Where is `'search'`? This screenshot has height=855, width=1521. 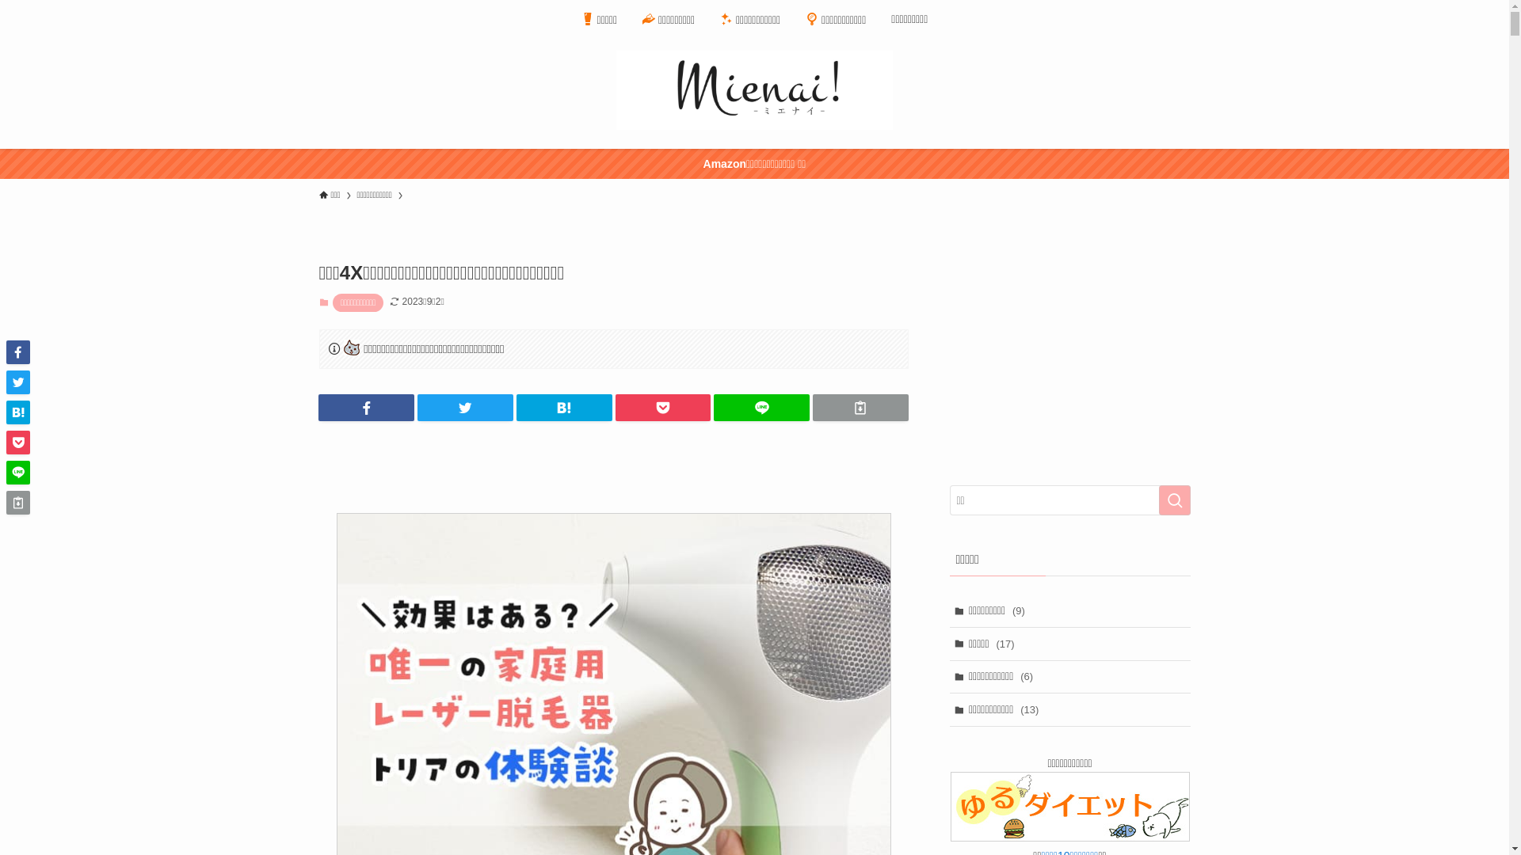 'search' is located at coordinates (1174, 500).